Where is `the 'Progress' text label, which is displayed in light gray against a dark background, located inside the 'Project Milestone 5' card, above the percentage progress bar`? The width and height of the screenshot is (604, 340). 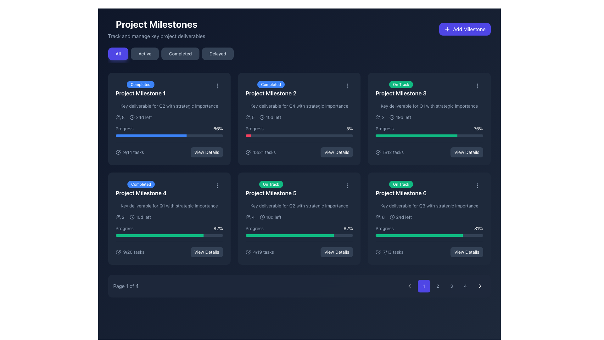 the 'Progress' text label, which is displayed in light gray against a dark background, located inside the 'Project Milestone 5' card, above the percentage progress bar is located at coordinates (254, 228).